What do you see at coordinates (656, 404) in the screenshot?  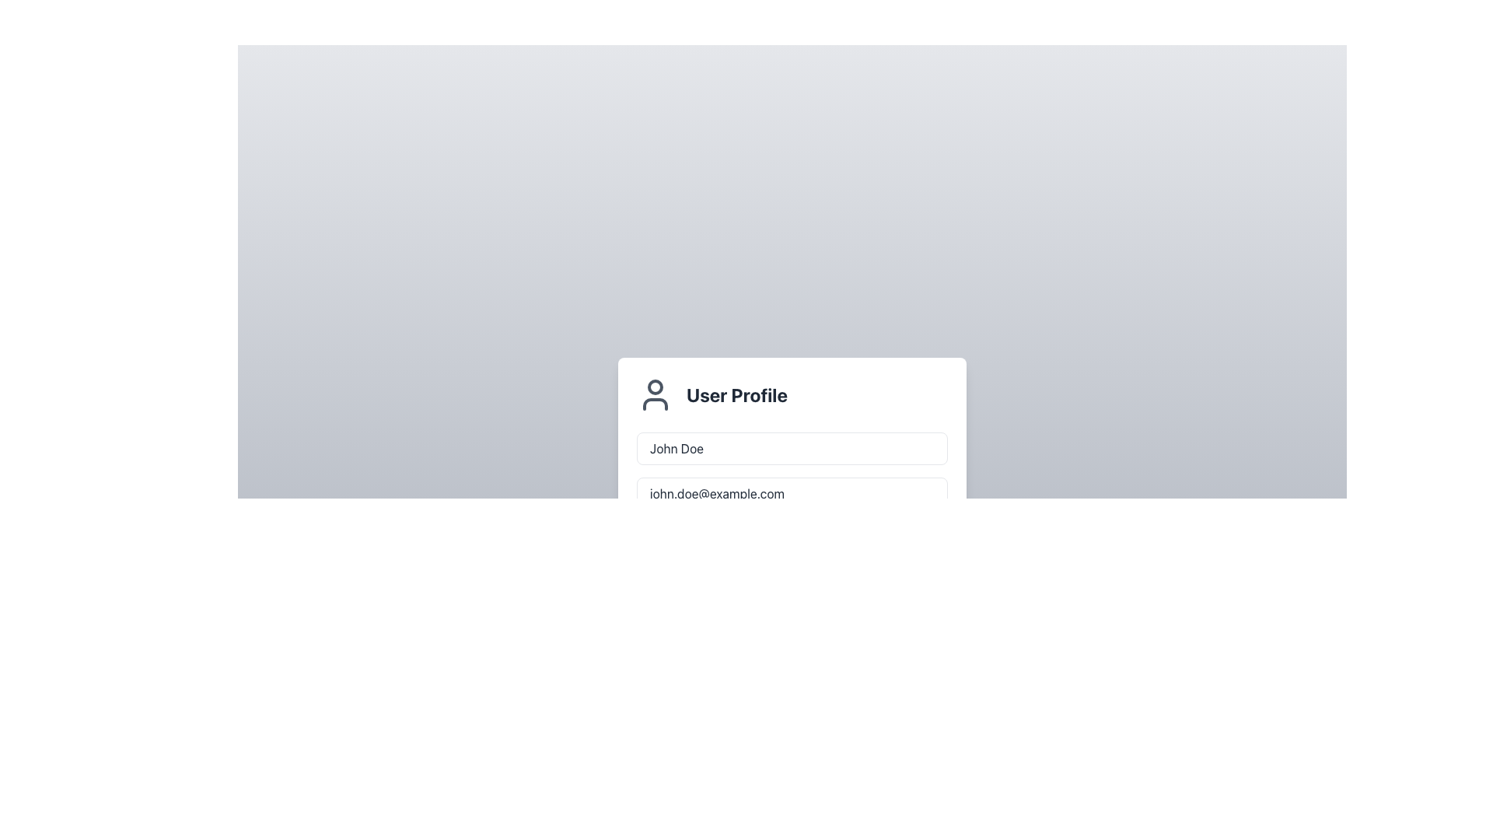 I see `the graphical detail of the user profile icon, which is the second part of the SVG icon located directly under the circular head` at bounding box center [656, 404].